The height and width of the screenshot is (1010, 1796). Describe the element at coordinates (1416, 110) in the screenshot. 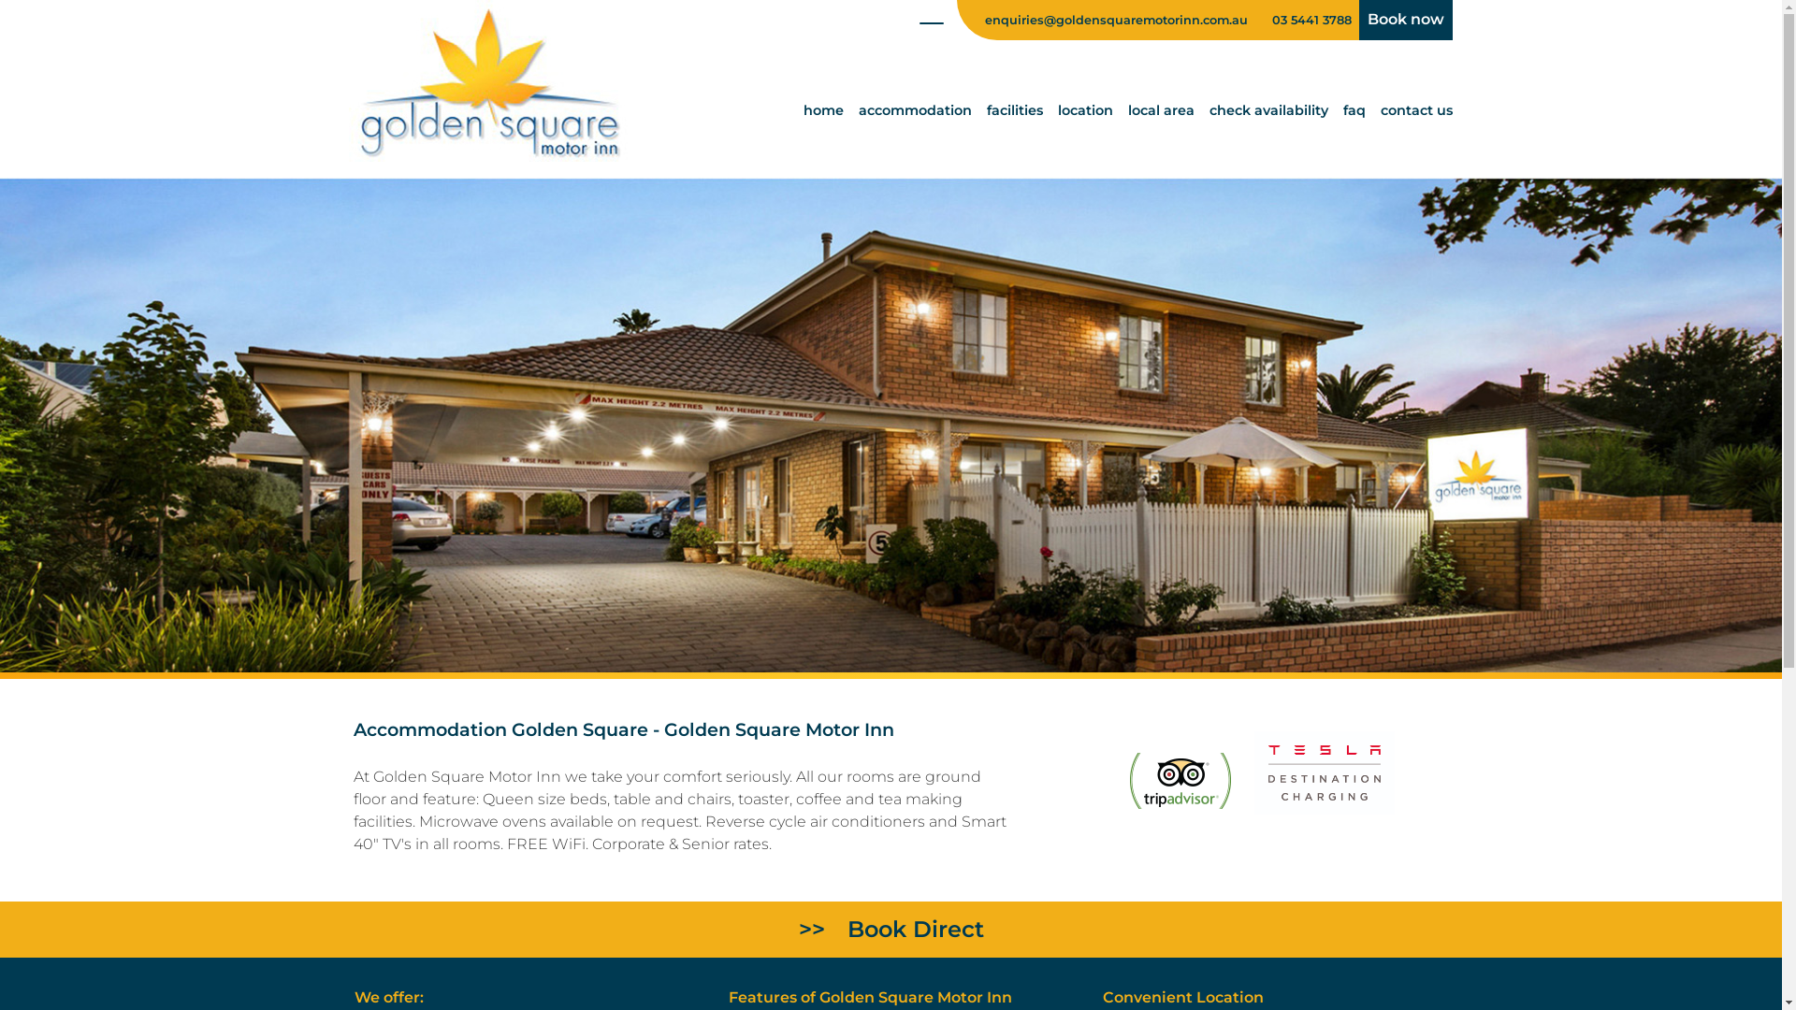

I see `'contact us'` at that location.